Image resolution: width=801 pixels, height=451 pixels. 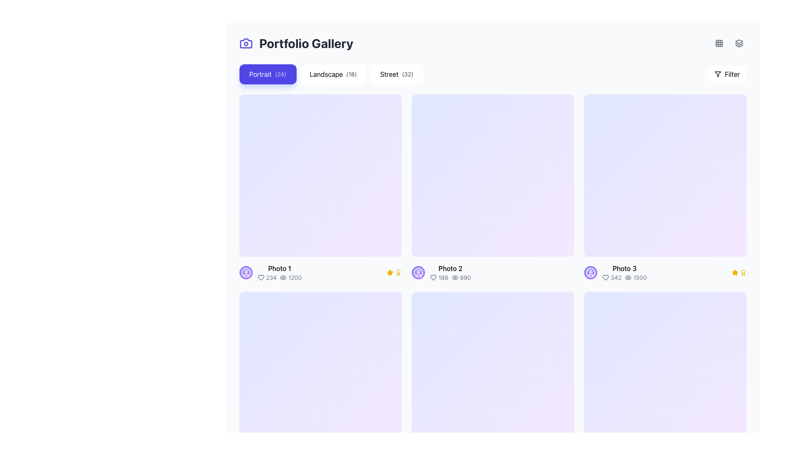 I want to click on the like icon located to the left of the number '186' below 'Photo 2', so click(x=433, y=278).